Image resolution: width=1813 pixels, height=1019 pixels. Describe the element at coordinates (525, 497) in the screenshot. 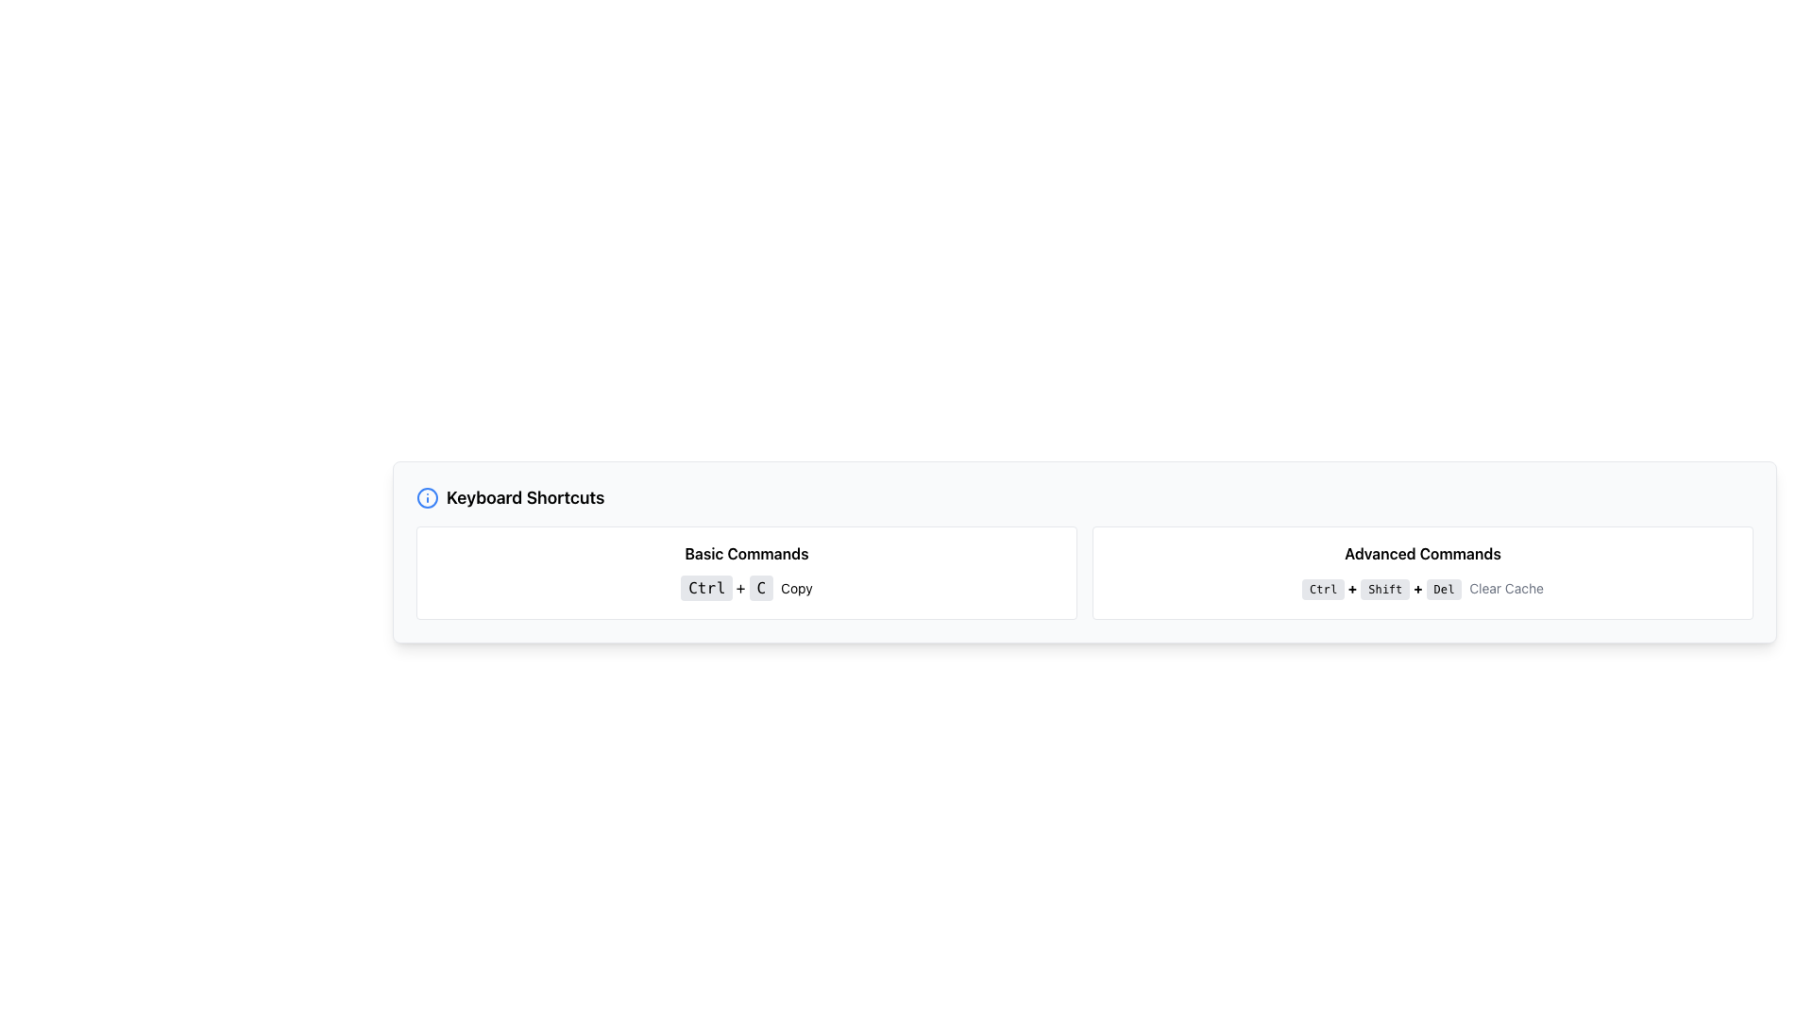

I see `the 'Keyboard Shortcuts' text label, which is a prominent title displayed in black and bold, located adjacent to an icon on its left` at that location.